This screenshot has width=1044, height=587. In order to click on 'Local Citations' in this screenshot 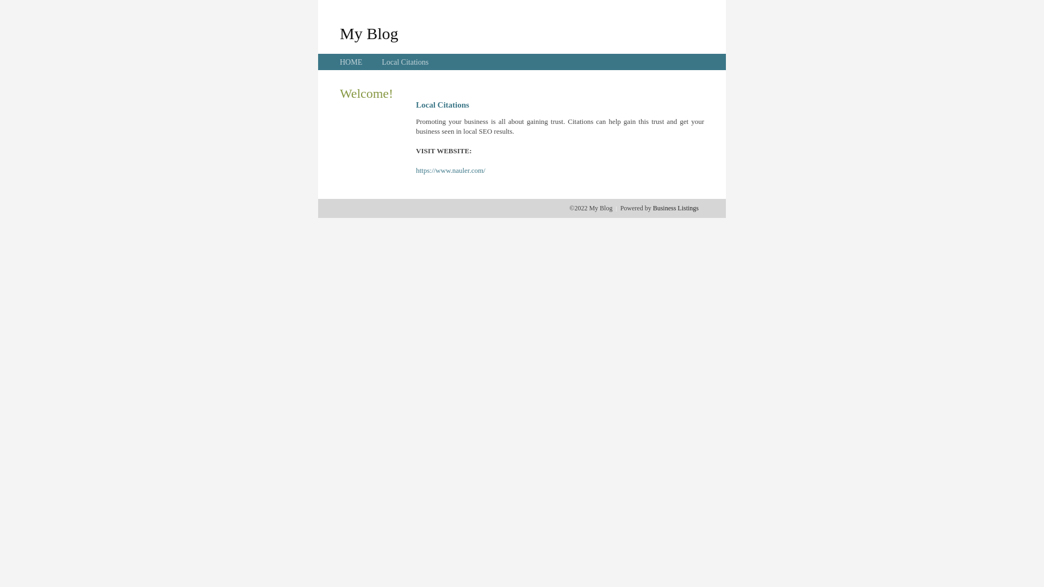, I will do `click(381, 62)`.